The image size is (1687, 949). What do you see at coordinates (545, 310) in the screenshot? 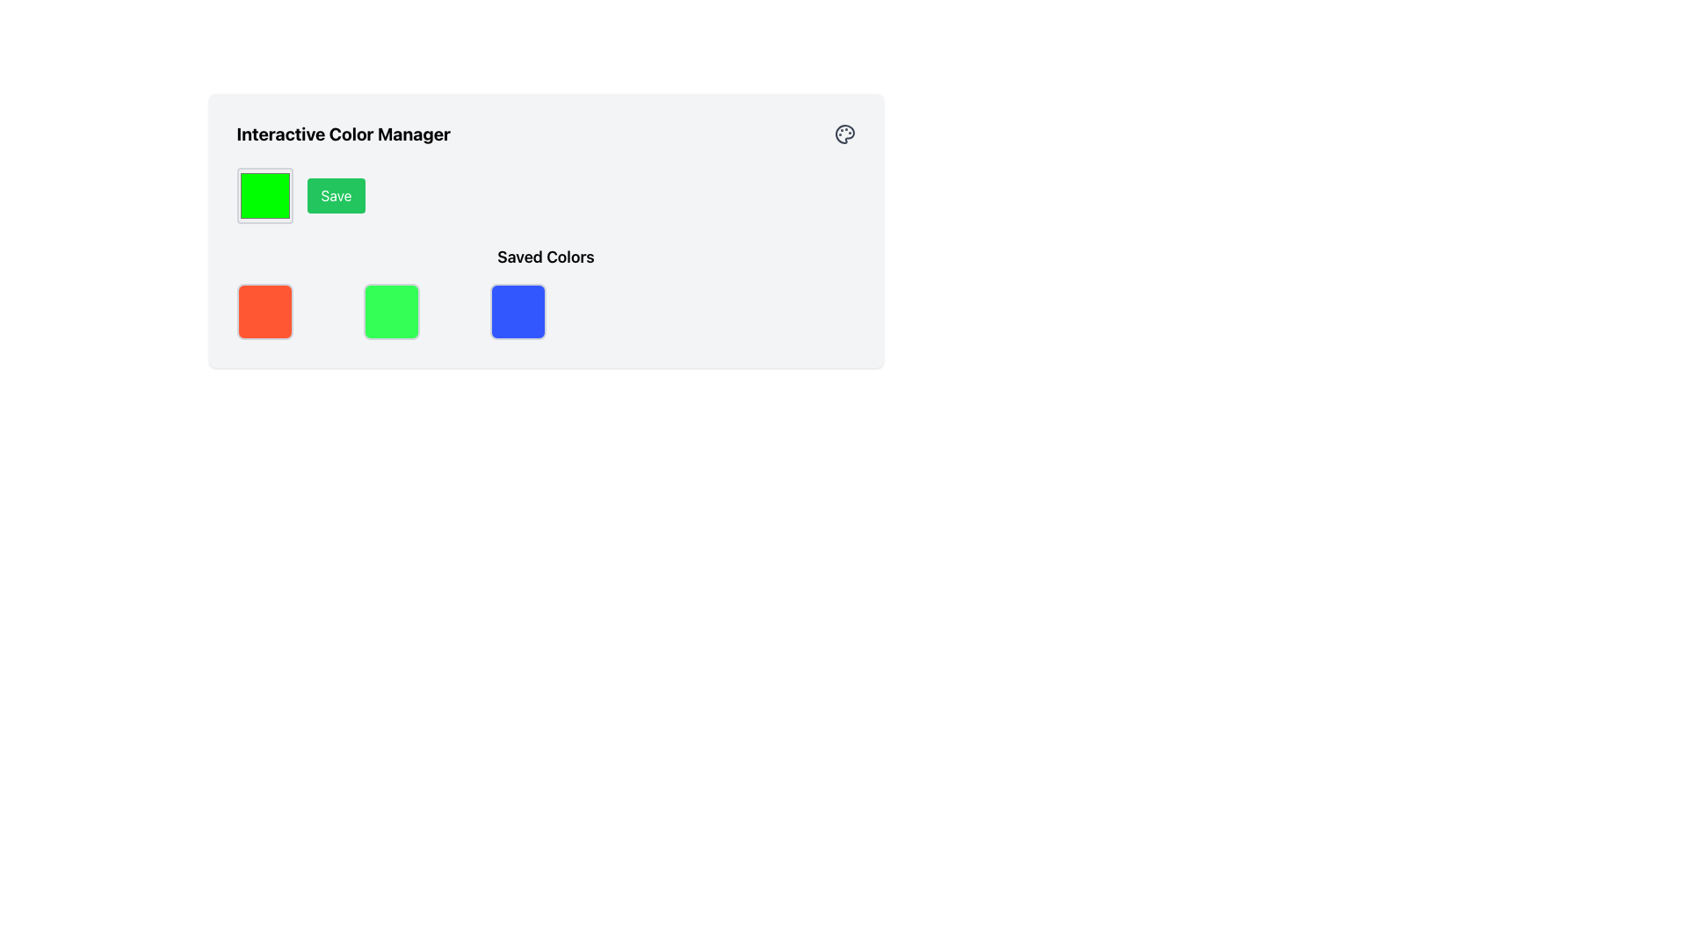
I see `the third color swatch in the 'Saved Colors' section, which visually represents a saved color and is adjacent to a green square on the left` at bounding box center [545, 310].